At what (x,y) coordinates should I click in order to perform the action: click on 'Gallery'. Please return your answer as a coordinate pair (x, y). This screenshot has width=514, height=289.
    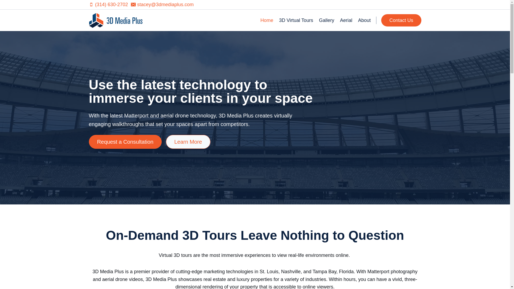
    Looking at the image, I should click on (326, 20).